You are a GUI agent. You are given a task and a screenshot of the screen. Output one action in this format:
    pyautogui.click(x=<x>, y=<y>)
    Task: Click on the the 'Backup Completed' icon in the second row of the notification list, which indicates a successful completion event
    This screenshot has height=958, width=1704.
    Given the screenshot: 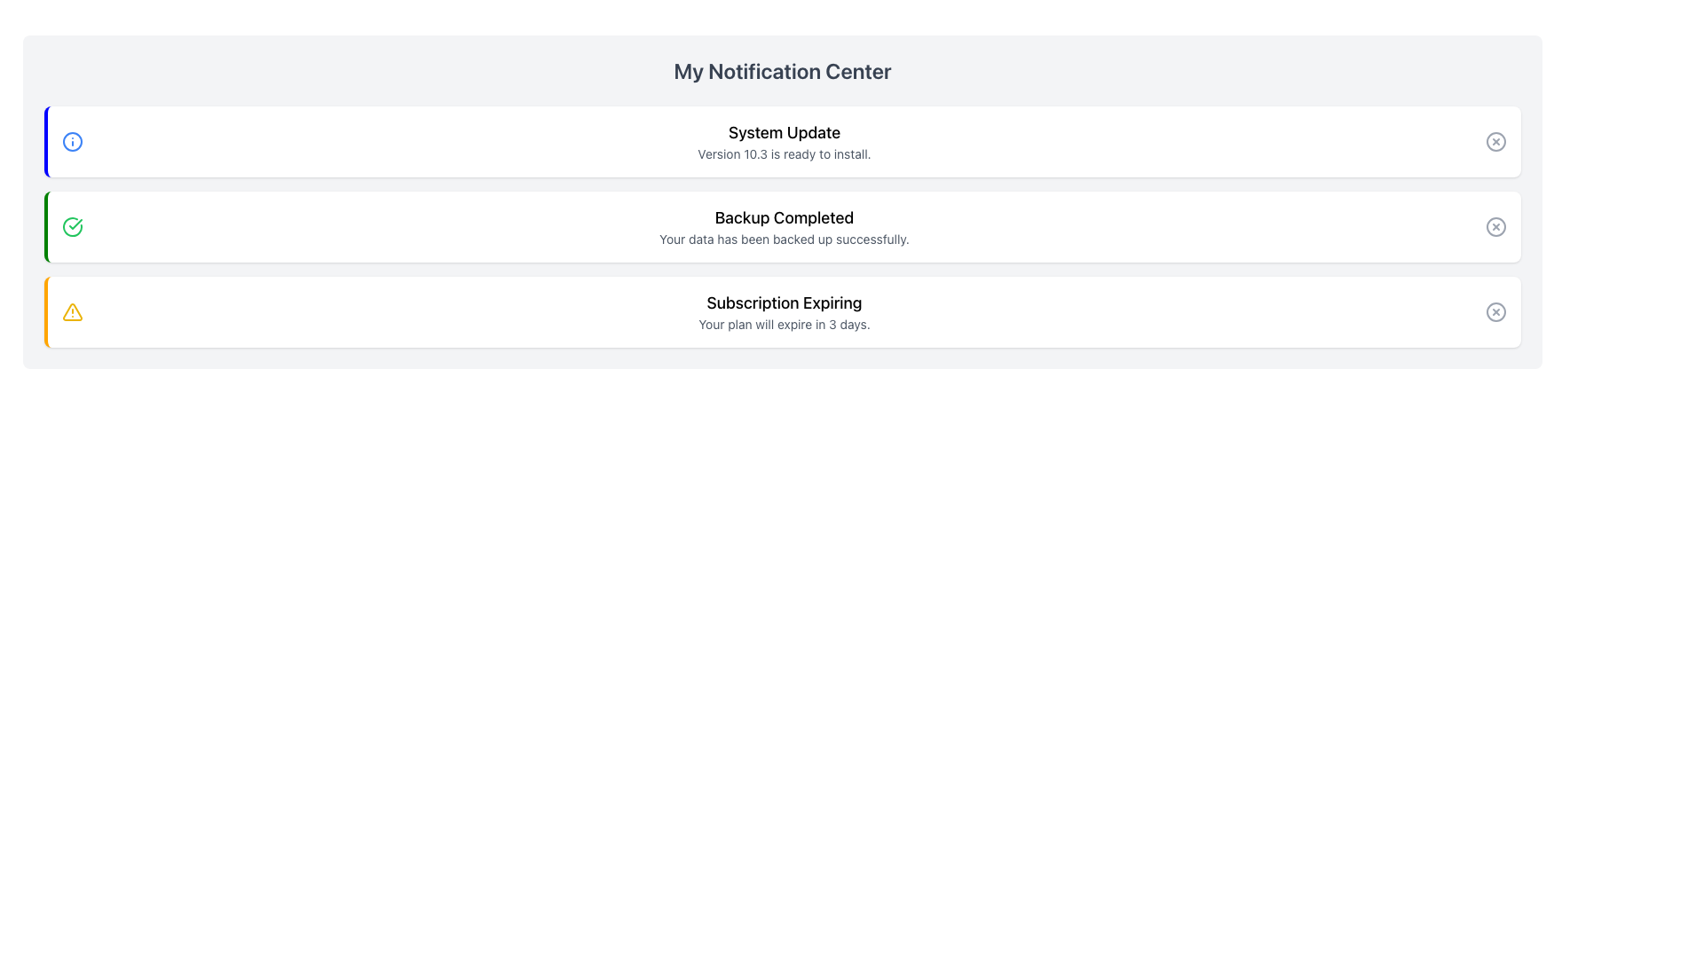 What is the action you would take?
    pyautogui.click(x=71, y=225)
    